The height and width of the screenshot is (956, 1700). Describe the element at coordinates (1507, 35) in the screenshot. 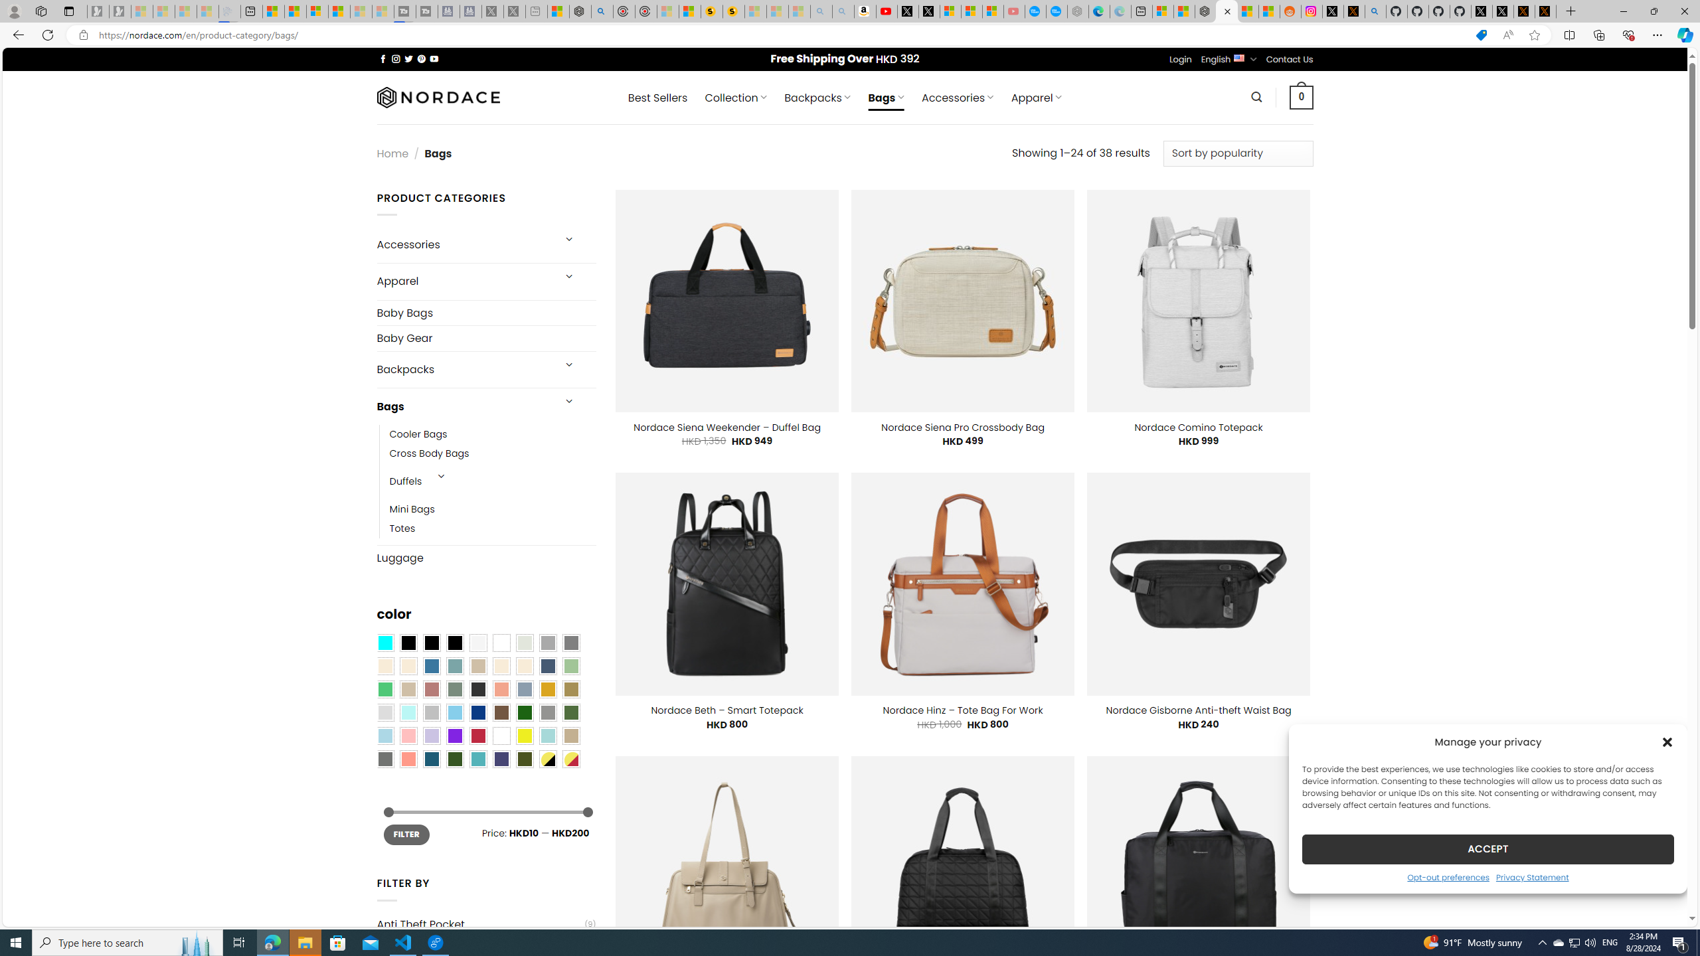

I see `'Read aloud this page (Ctrl+Shift+U)'` at that location.